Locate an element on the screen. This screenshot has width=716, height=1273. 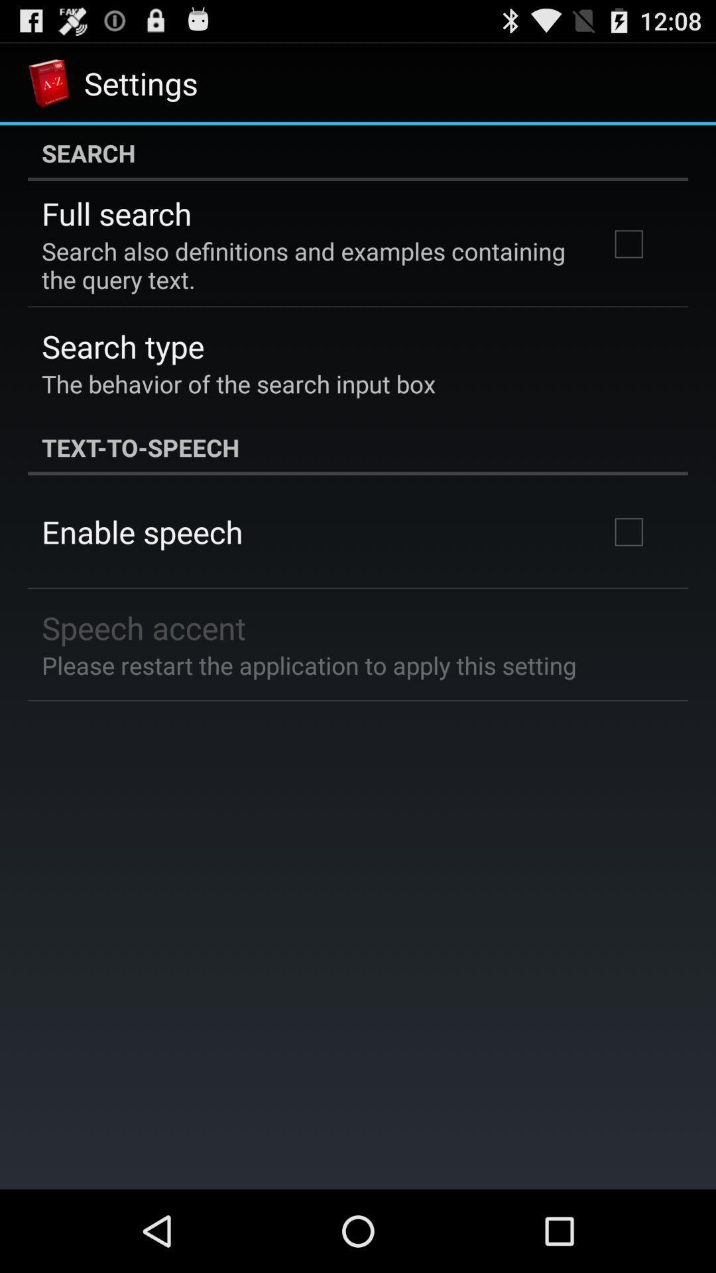
icon below search app is located at coordinates (116, 213).